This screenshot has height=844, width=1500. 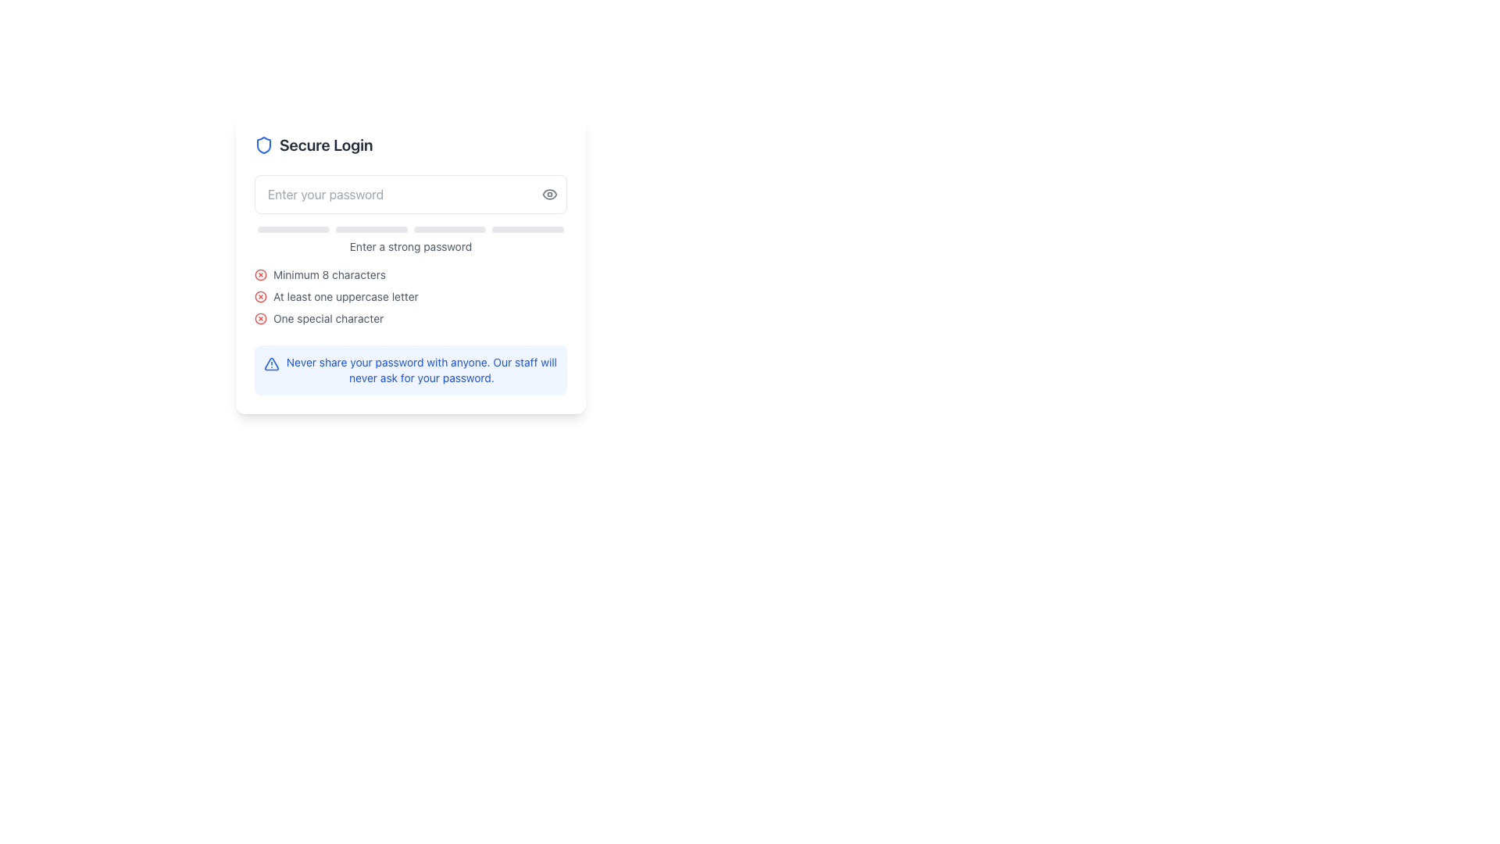 I want to click on the decorative outer oval of the eye-shaped icon within the SVG, located to the right of the password input area, so click(x=550, y=194).